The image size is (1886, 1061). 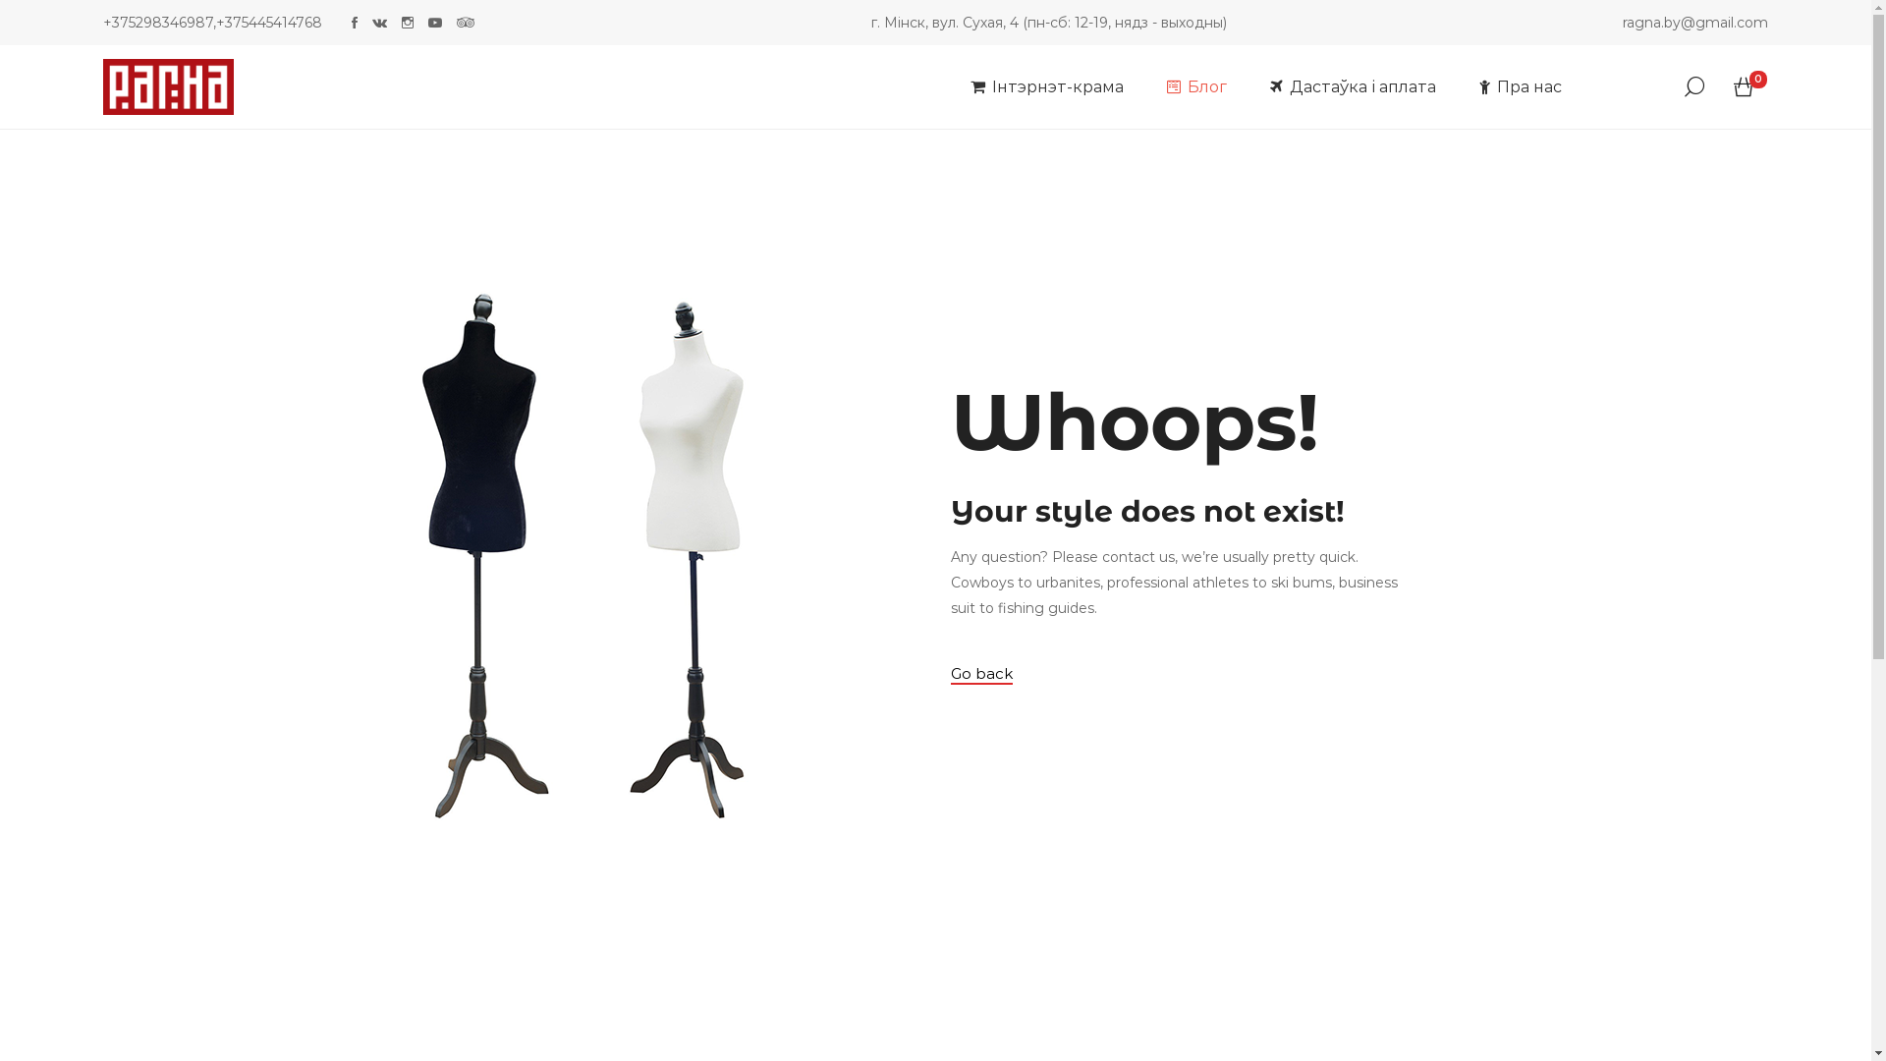 I want to click on 'ragna.by@gmail.com', so click(x=1694, y=23).